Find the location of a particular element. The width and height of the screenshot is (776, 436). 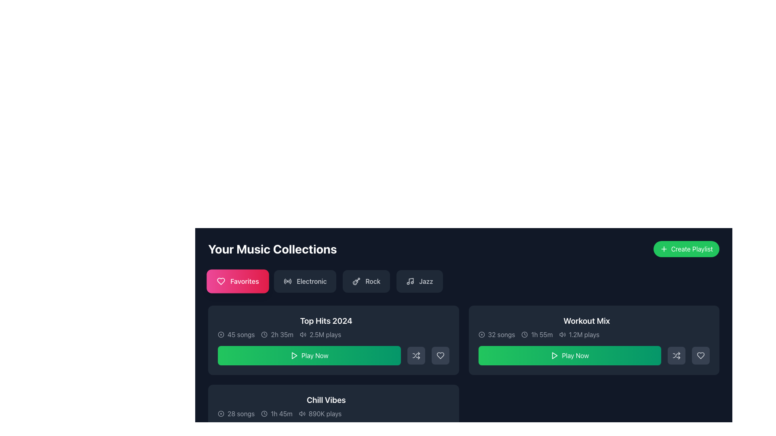

the play action icon located centrally within the 'Play Now' button under the 'Workout Mix' heading to initiate playback is located at coordinates (554, 355).